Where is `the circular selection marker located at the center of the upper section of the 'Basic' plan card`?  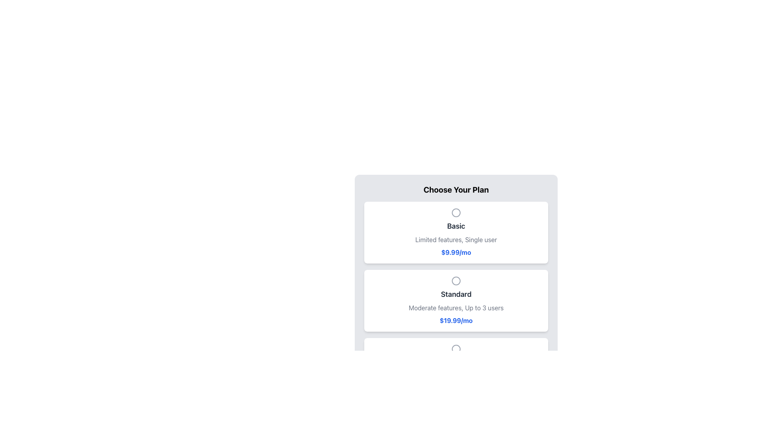
the circular selection marker located at the center of the upper section of the 'Basic' plan card is located at coordinates (456, 212).